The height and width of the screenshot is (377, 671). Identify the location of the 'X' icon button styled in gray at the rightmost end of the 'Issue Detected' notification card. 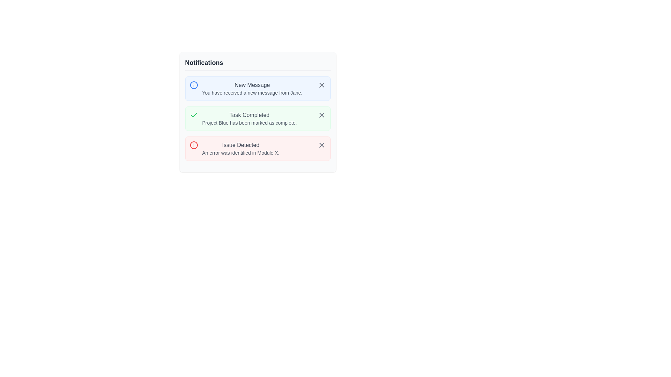
(321, 145).